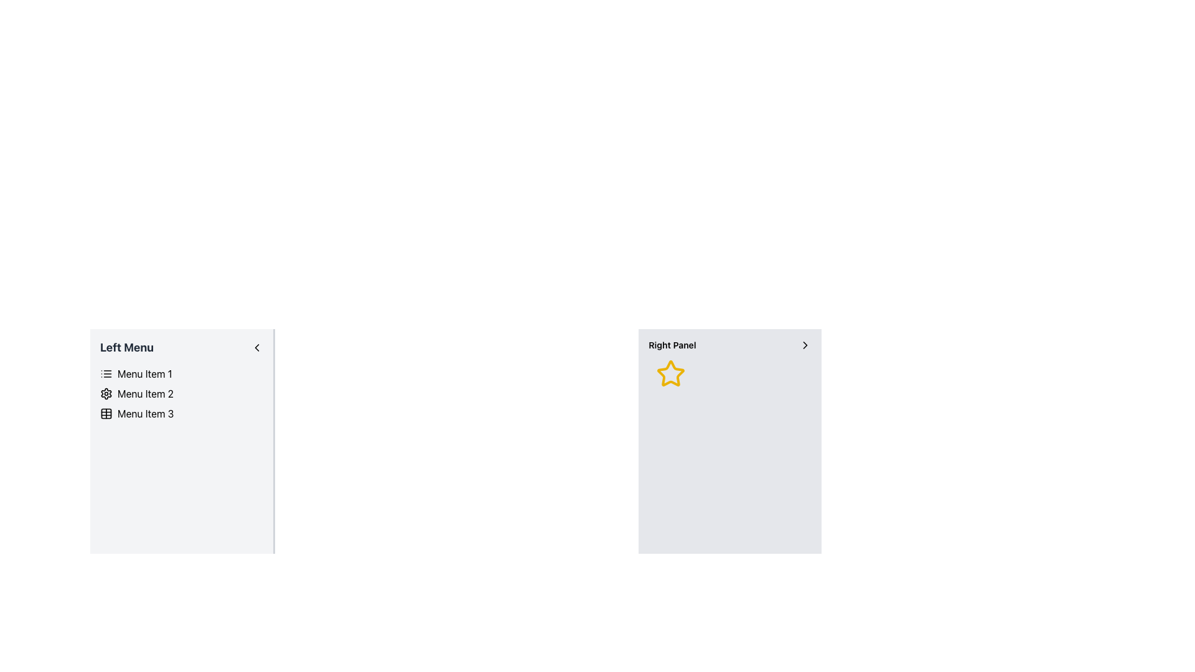 The image size is (1195, 672). I want to click on the third item in the vertical sidebar menu labeled 'Menu Item 3', so click(180, 413).